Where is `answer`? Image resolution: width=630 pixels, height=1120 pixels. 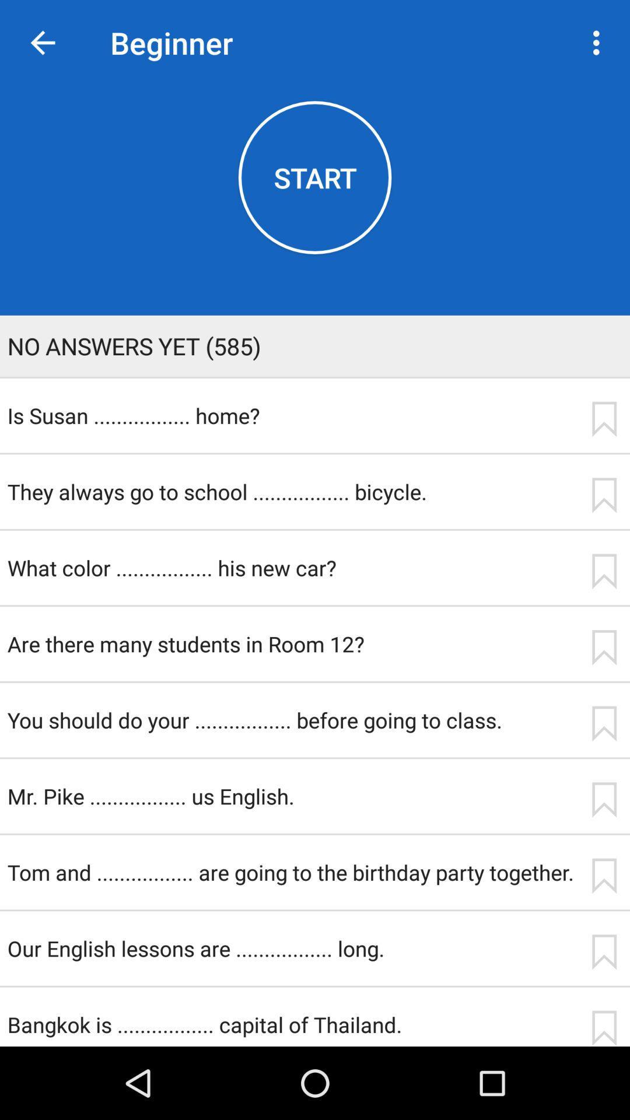
answer is located at coordinates (604, 952).